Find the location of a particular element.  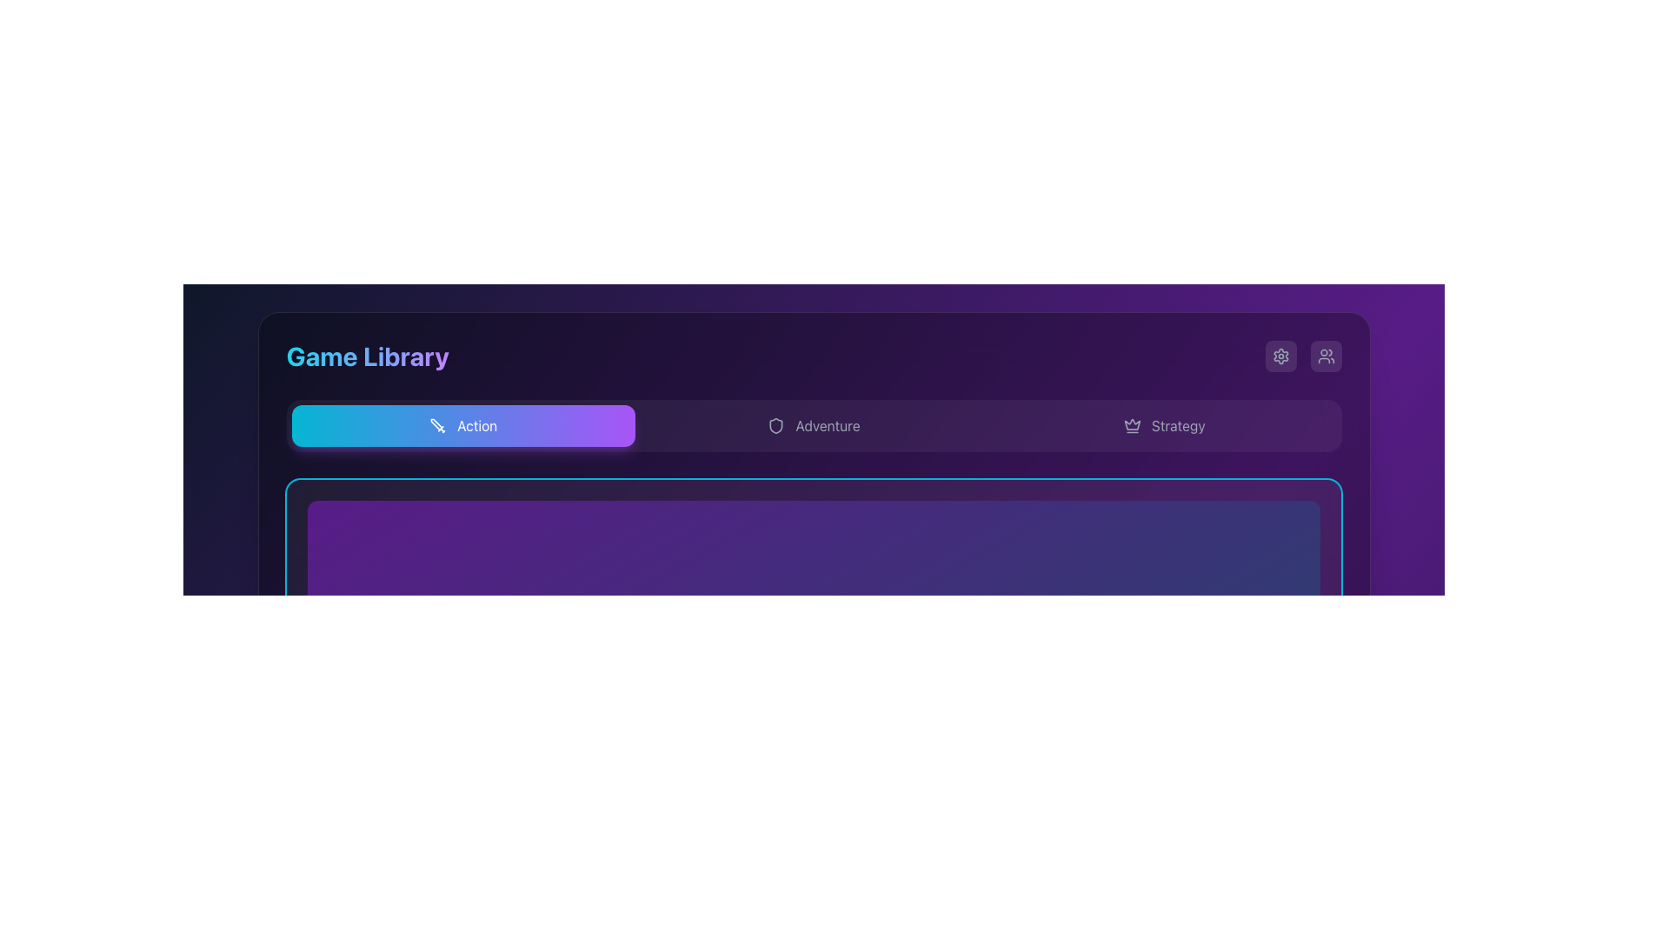

text label within the cyan-to-purple gradient button that indicates the 'Action' category, located near the center of the button in the horizontal row of category buttons under 'Game Library' is located at coordinates (477, 425).